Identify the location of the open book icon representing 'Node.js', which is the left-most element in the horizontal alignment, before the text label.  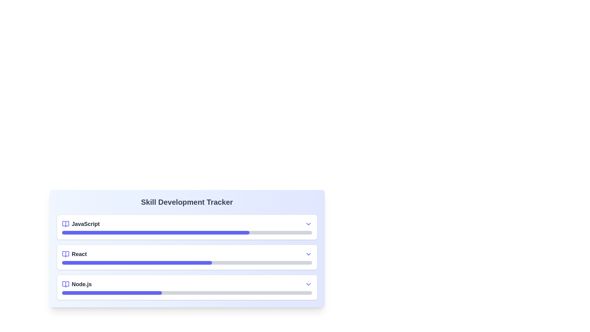
(65, 284).